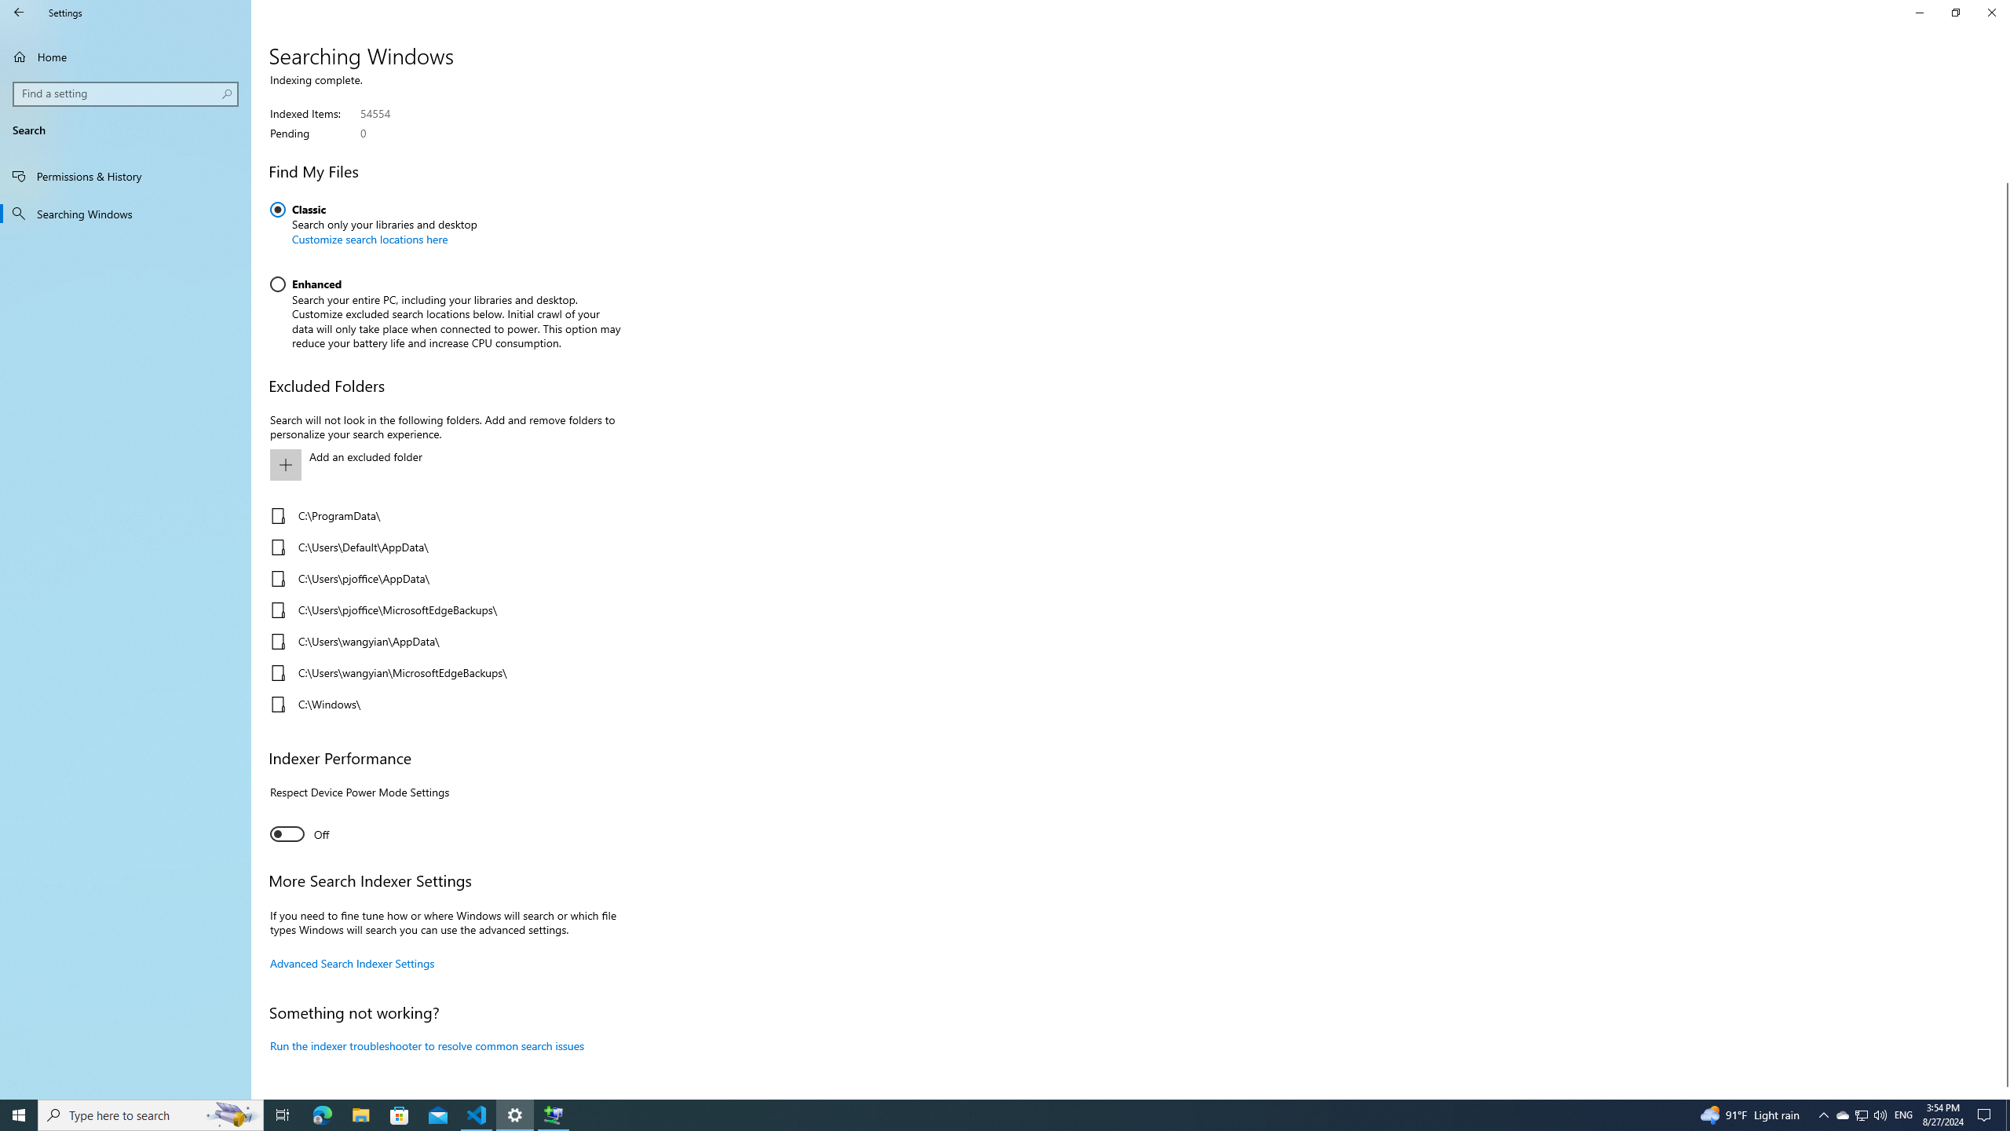  Describe the element at coordinates (369, 238) in the screenshot. I see `'Customize search locations here'` at that location.